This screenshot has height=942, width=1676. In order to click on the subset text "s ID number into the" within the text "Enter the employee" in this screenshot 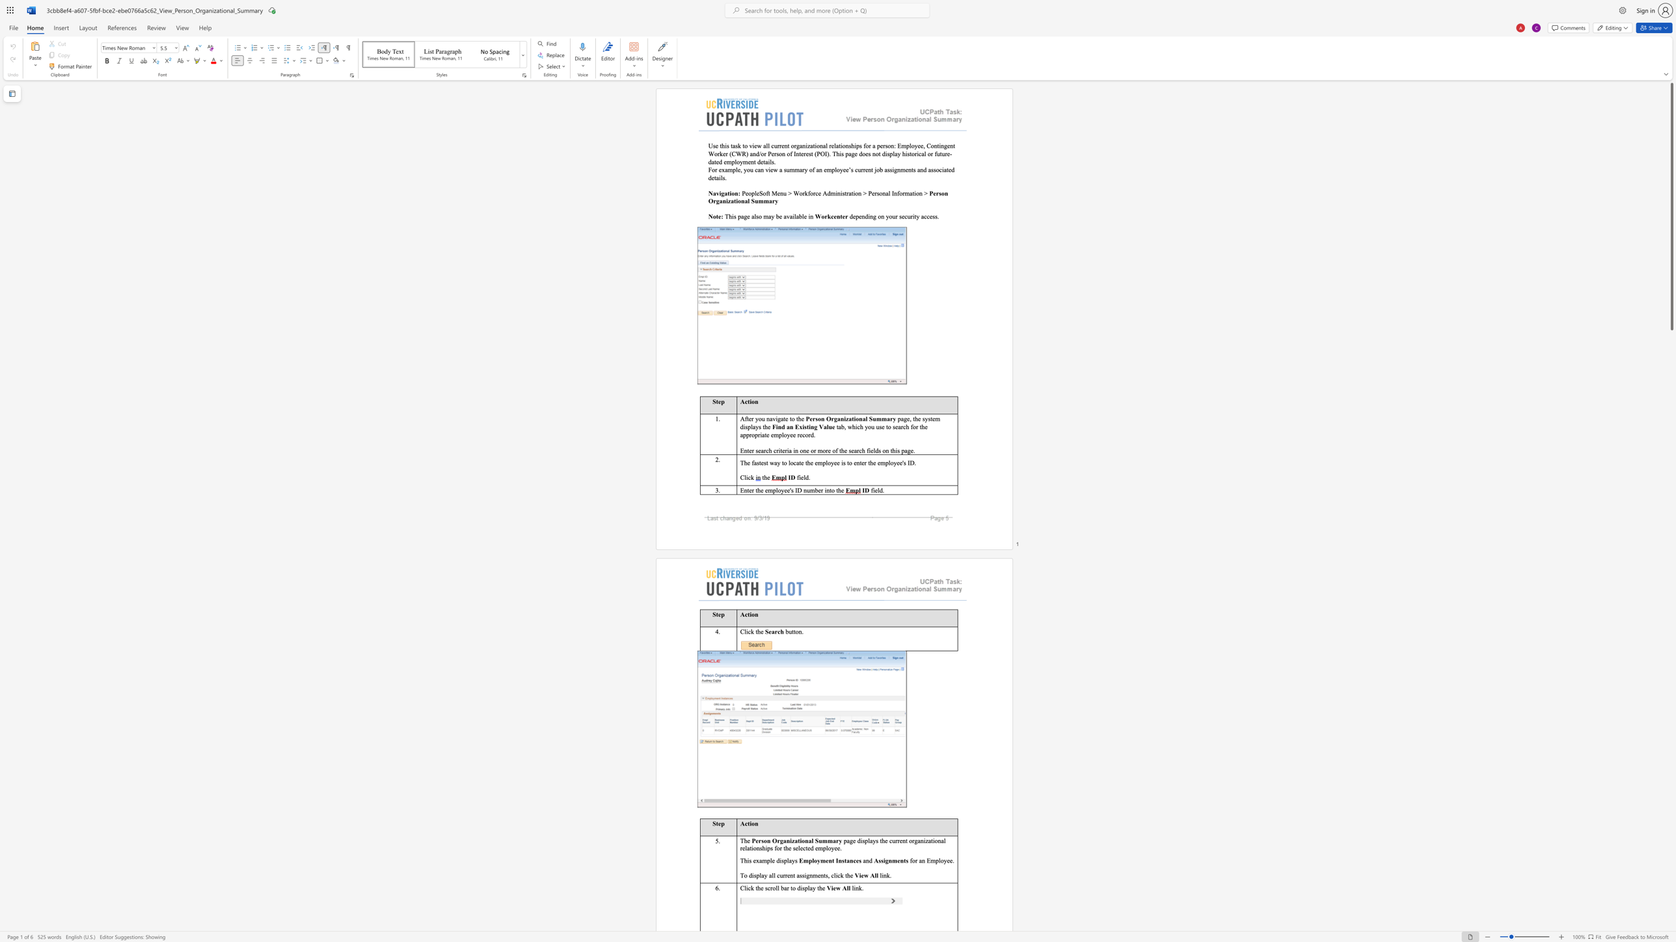, I will do `click(791, 490)`.